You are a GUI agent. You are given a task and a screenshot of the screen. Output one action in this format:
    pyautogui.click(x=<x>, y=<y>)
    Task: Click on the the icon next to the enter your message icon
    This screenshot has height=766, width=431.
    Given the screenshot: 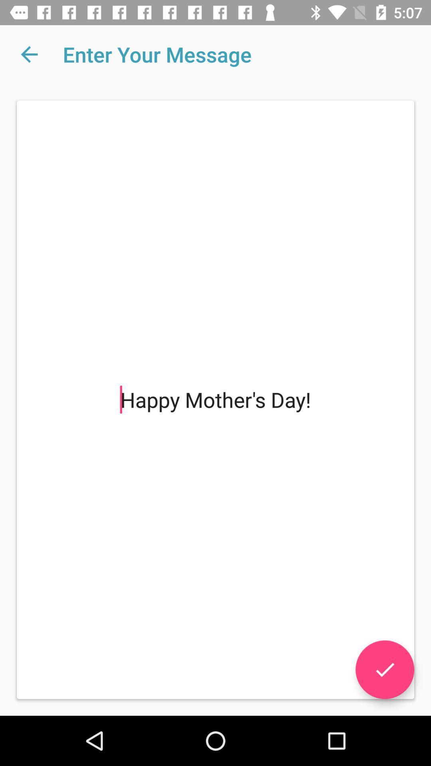 What is the action you would take?
    pyautogui.click(x=29, y=54)
    